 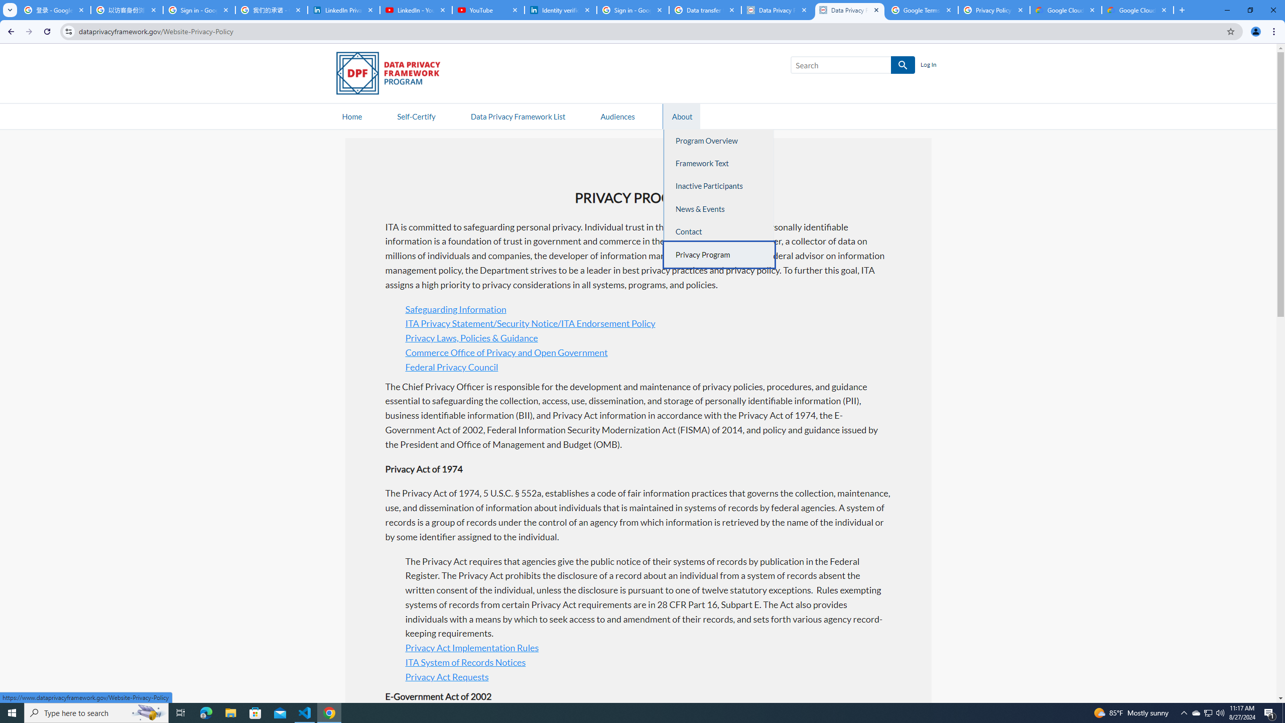 I want to click on 'Data Privacy Framework Logo - Link to Homepage', so click(x=393, y=75).